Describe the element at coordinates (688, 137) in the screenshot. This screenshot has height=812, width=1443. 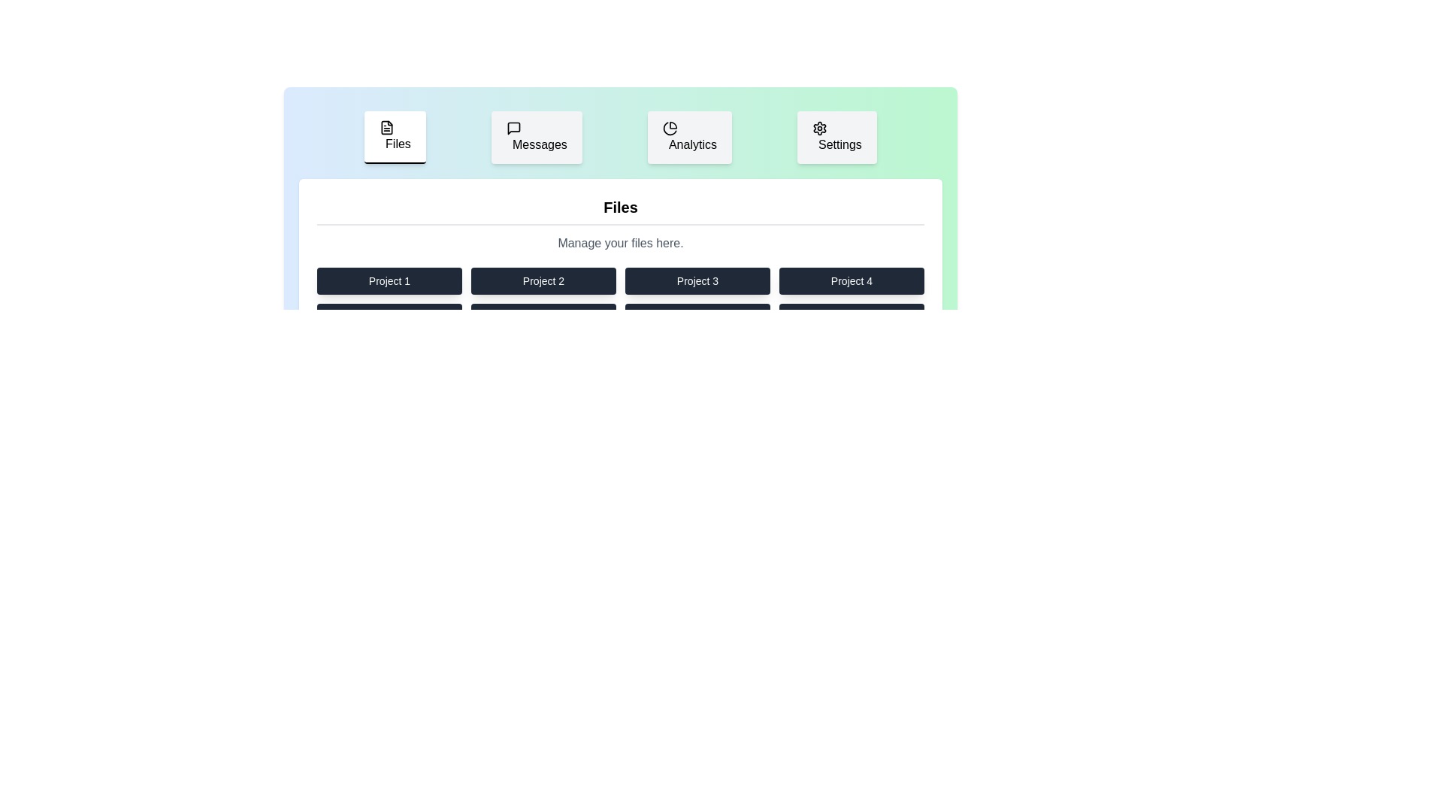
I see `the Analytics tab to switch its content` at that location.